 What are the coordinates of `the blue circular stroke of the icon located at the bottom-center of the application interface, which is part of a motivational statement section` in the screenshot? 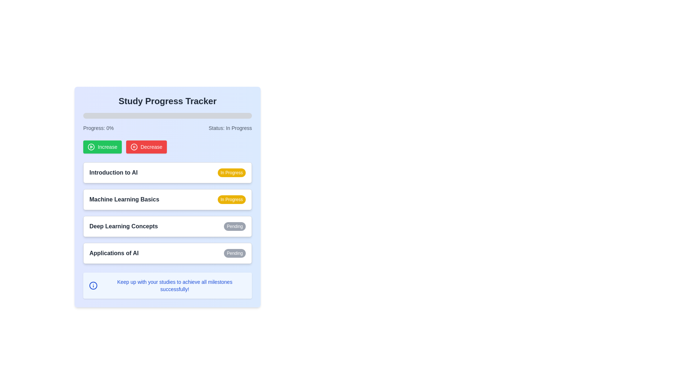 It's located at (93, 285).